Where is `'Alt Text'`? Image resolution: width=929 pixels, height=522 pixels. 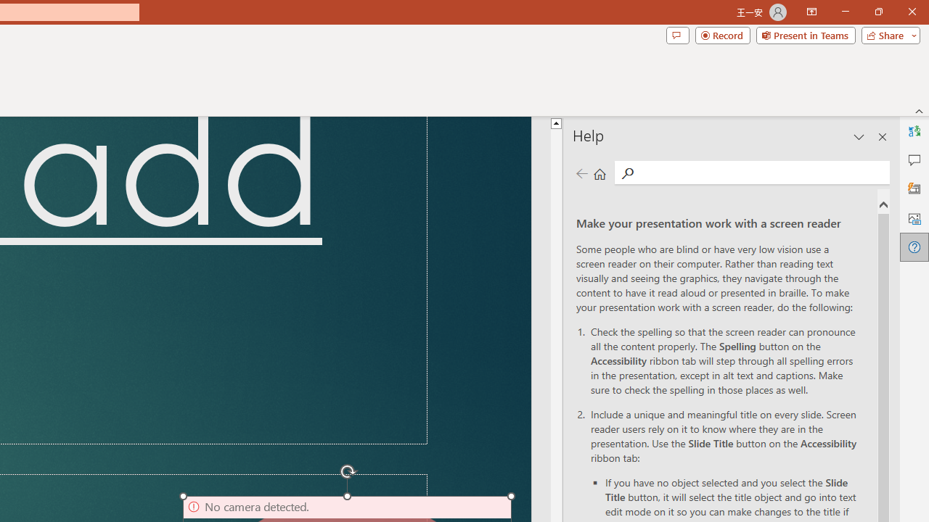
'Alt Text' is located at coordinates (914, 217).